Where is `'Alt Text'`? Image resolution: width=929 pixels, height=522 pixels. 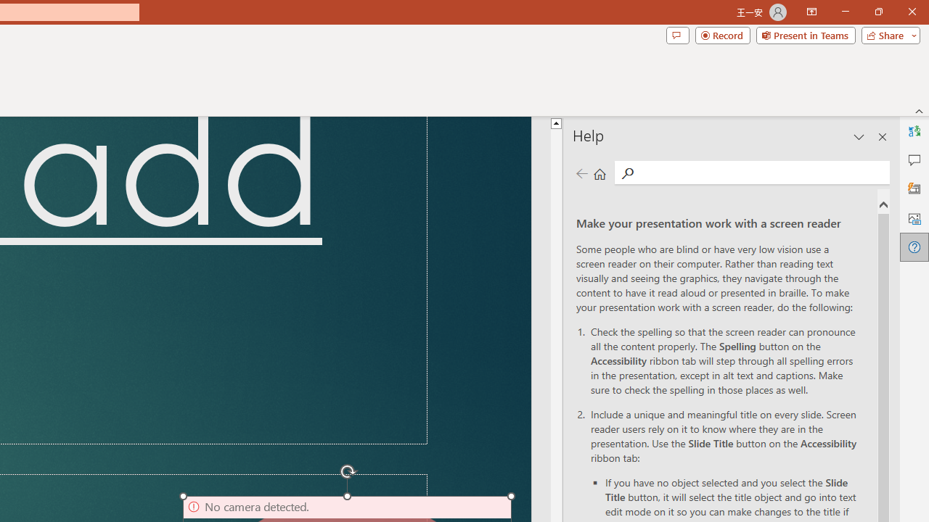
'Alt Text' is located at coordinates (914, 217).